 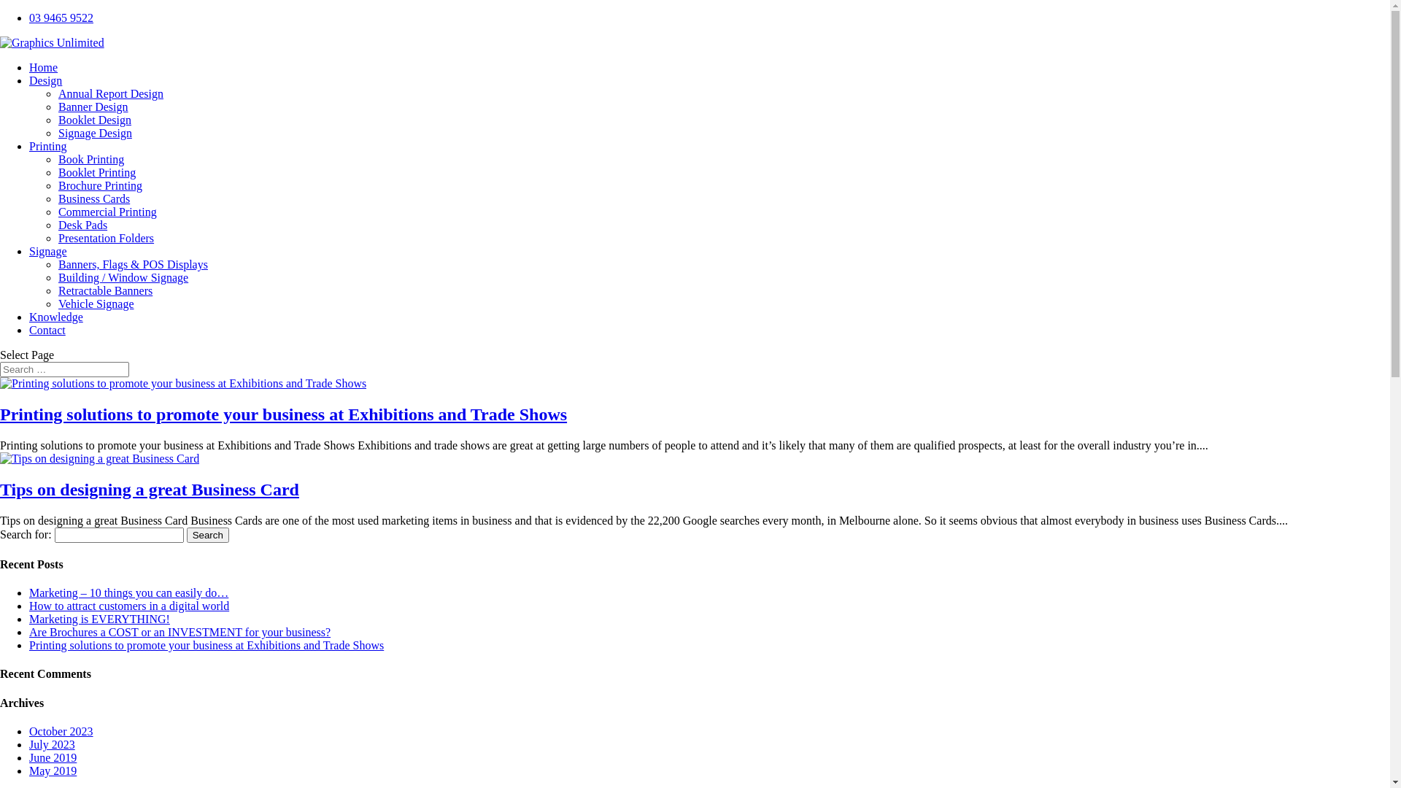 What do you see at coordinates (104, 290) in the screenshot?
I see `'Retractable Banners'` at bounding box center [104, 290].